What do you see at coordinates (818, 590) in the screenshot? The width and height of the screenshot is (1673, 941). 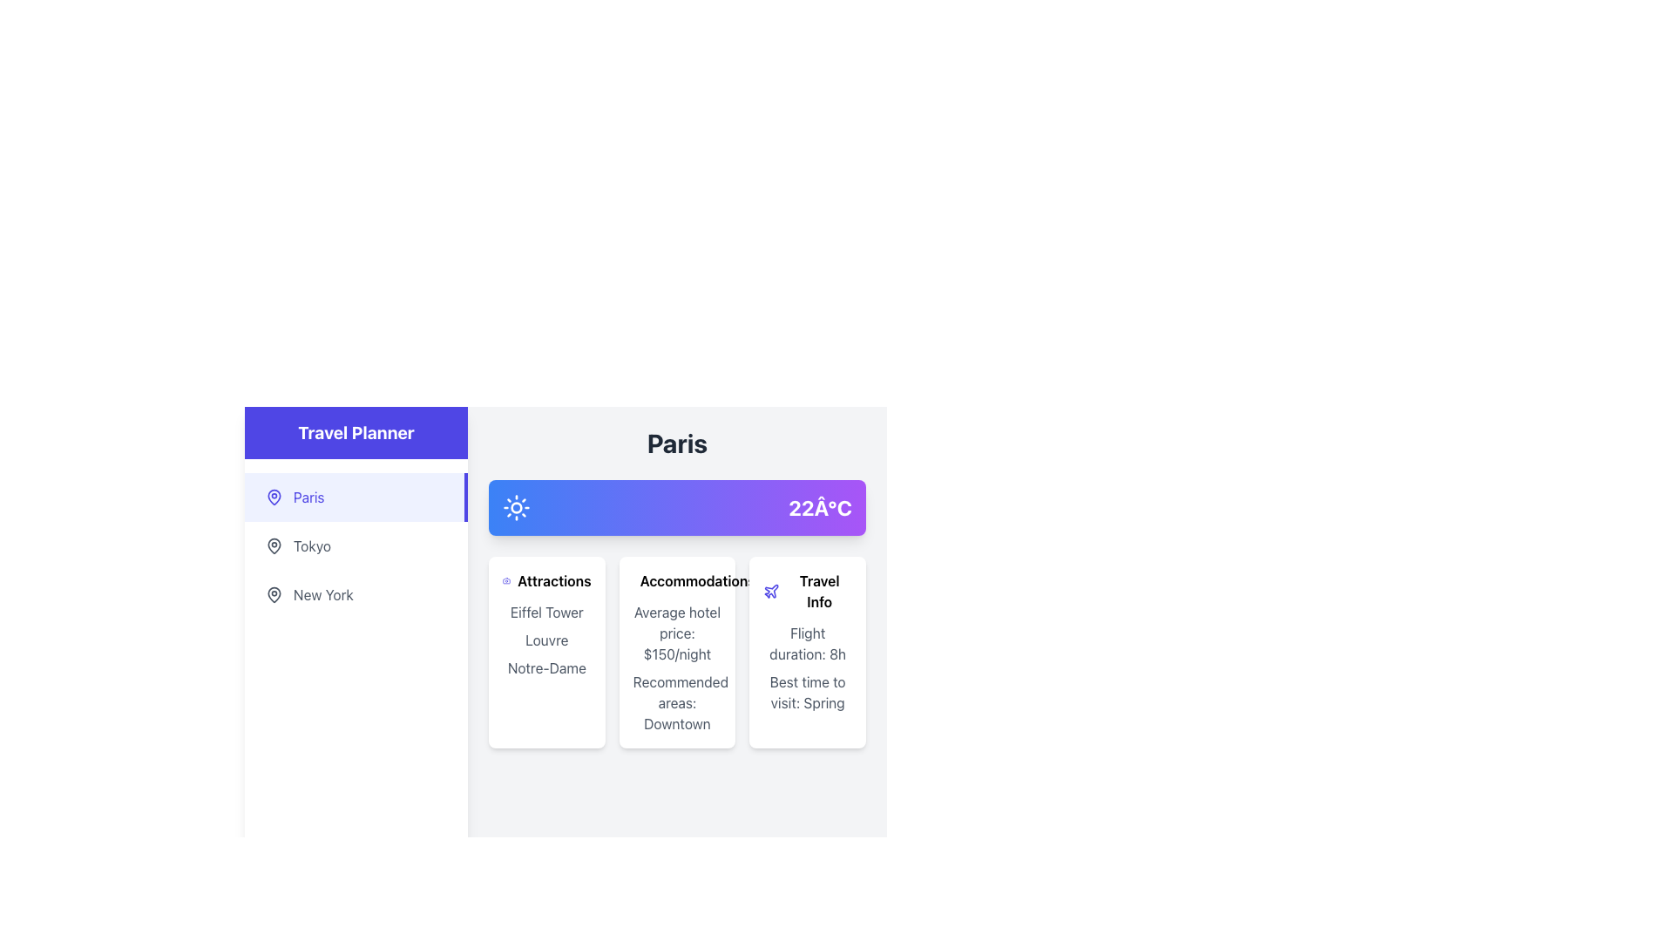 I see `the 'Travel Info' text label, which is a bold heading located in the third column of a grid, immediately to the right of the 'Accommodation' section` at bounding box center [818, 590].